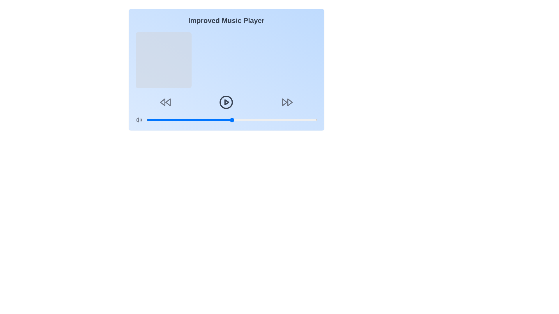 Image resolution: width=559 pixels, height=314 pixels. What do you see at coordinates (230, 119) in the screenshot?
I see `the slider value` at bounding box center [230, 119].